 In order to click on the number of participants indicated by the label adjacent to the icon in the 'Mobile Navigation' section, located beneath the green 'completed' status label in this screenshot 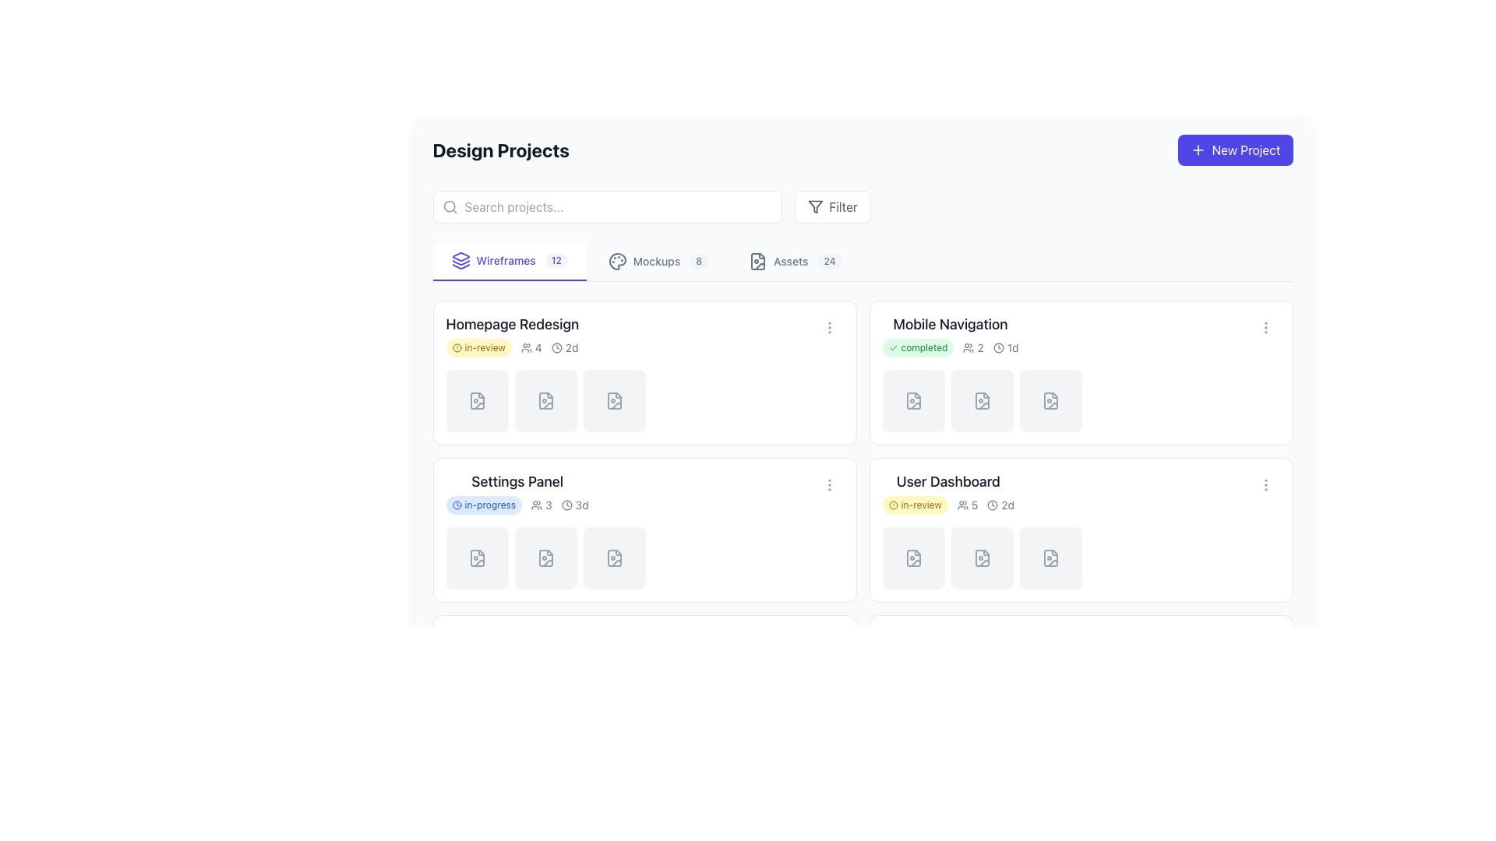, I will do `click(972, 347)`.